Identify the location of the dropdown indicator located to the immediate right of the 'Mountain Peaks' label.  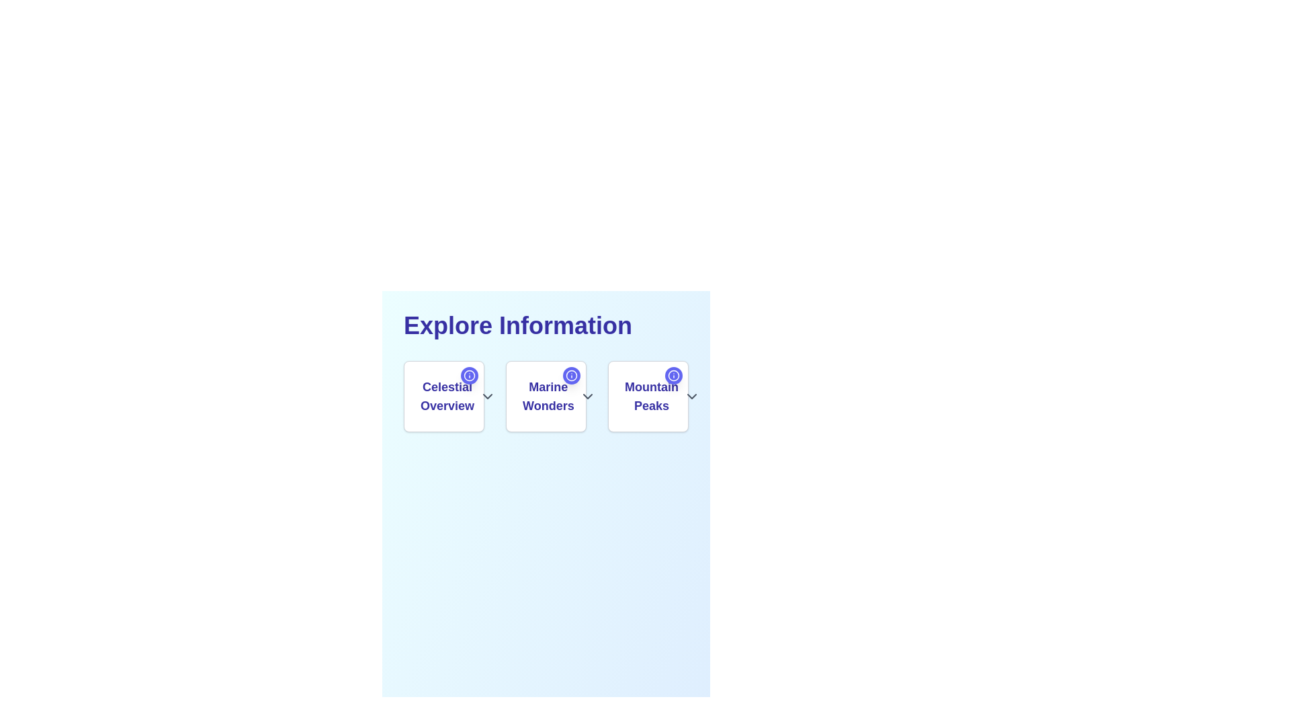
(691, 396).